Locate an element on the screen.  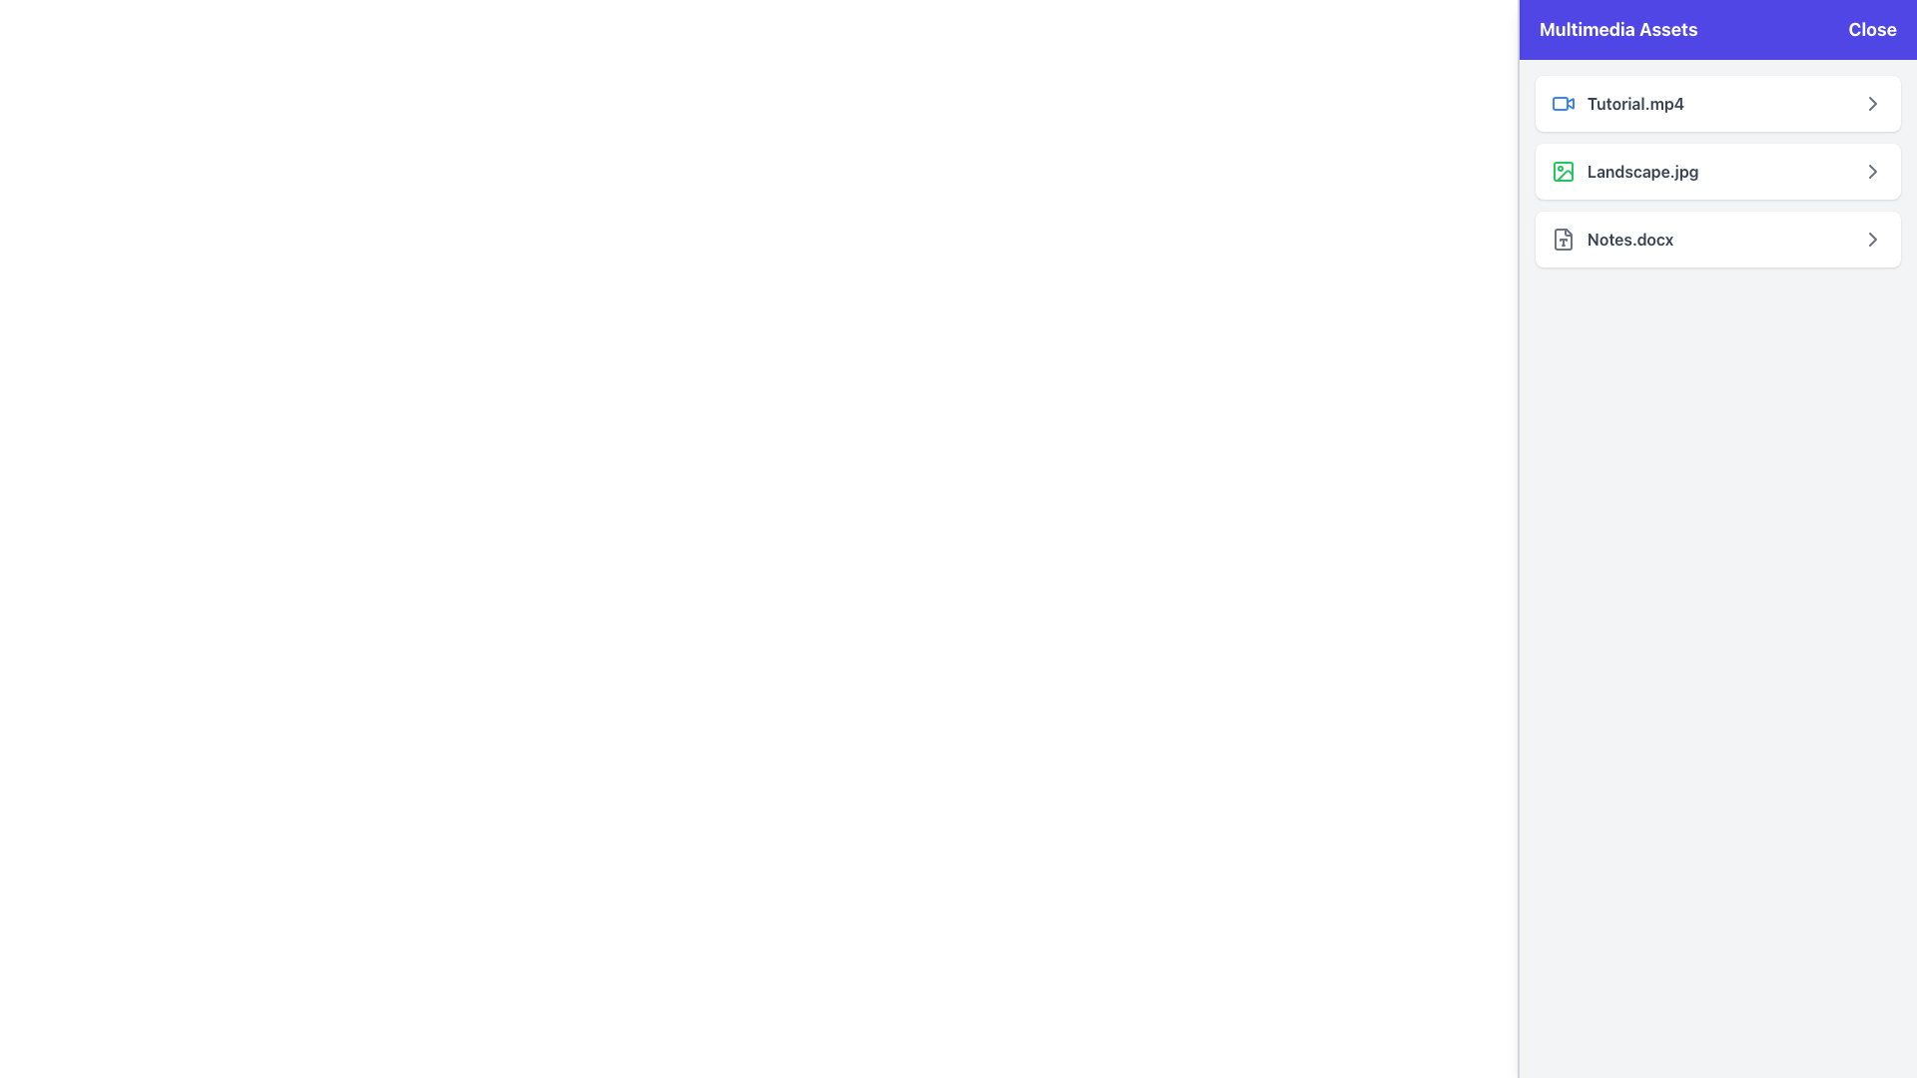
the 'Tutorial.mp4' file name label located in the 'Multimedia Assets' section is located at coordinates (1617, 104).